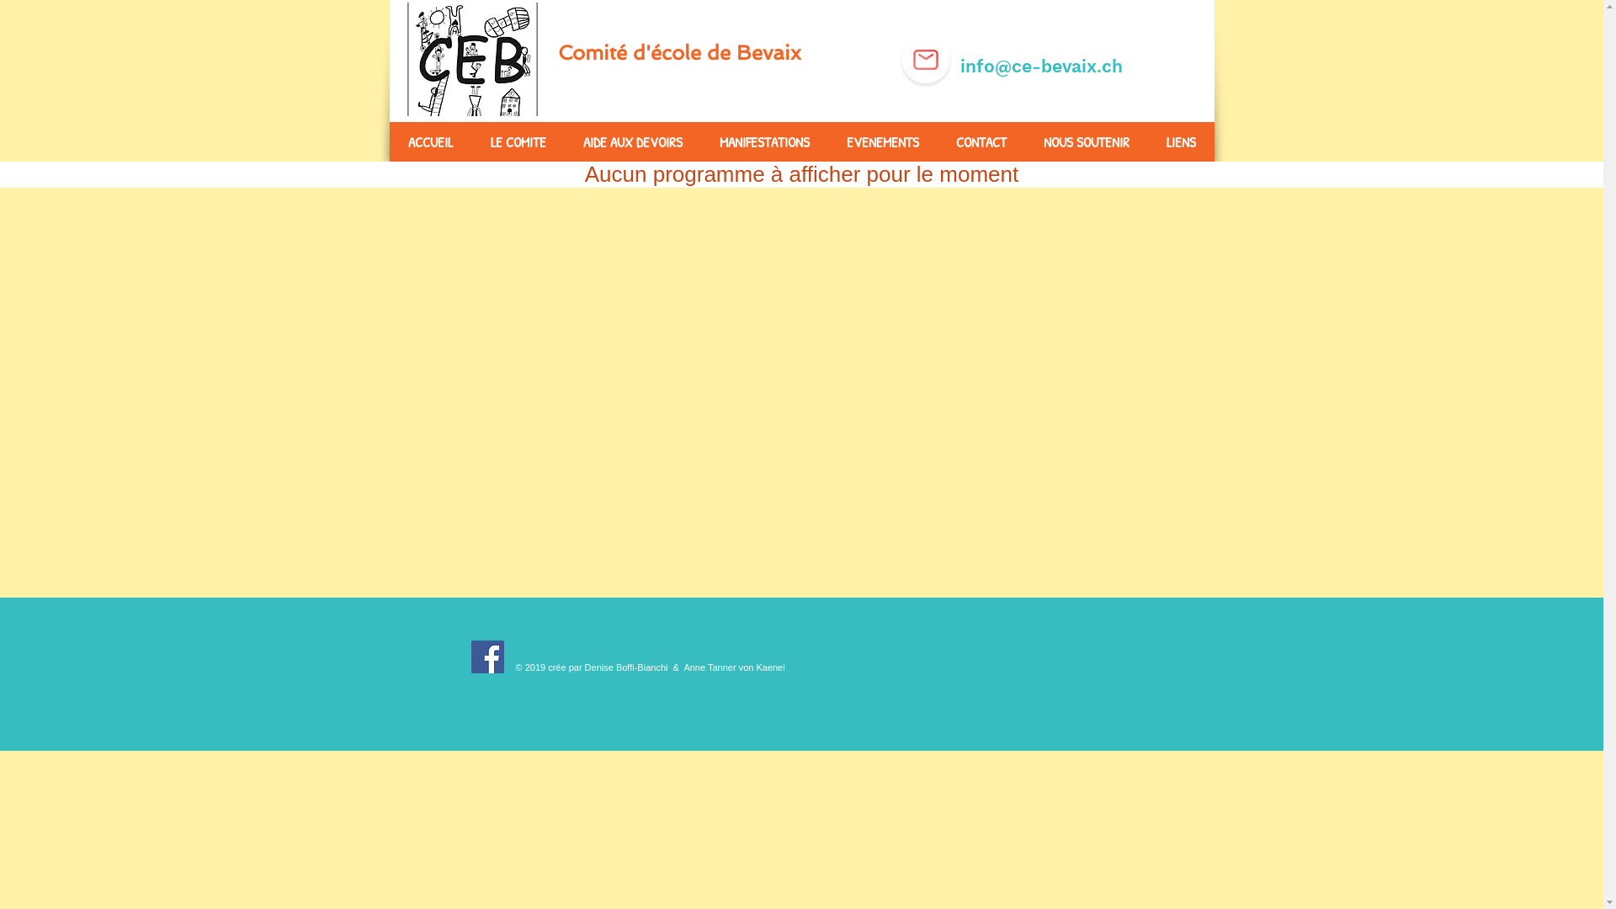 This screenshot has width=1616, height=909. I want to click on 'AIDE AUX DEVOIRS', so click(630, 141).